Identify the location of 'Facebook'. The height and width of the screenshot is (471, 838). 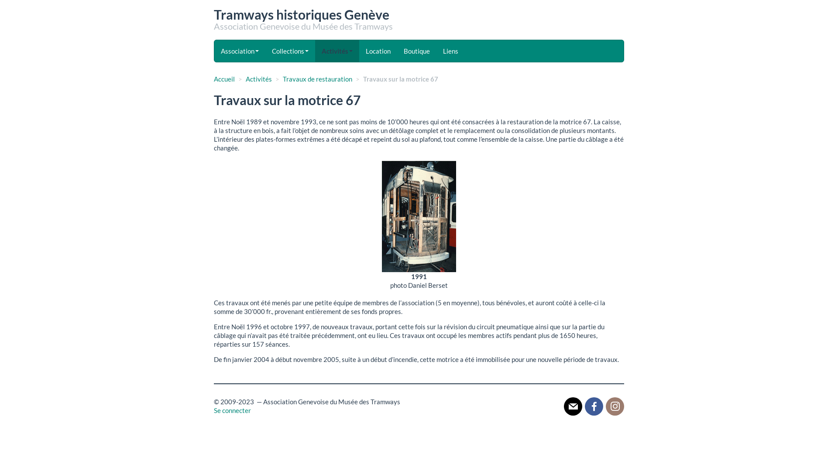
(594, 406).